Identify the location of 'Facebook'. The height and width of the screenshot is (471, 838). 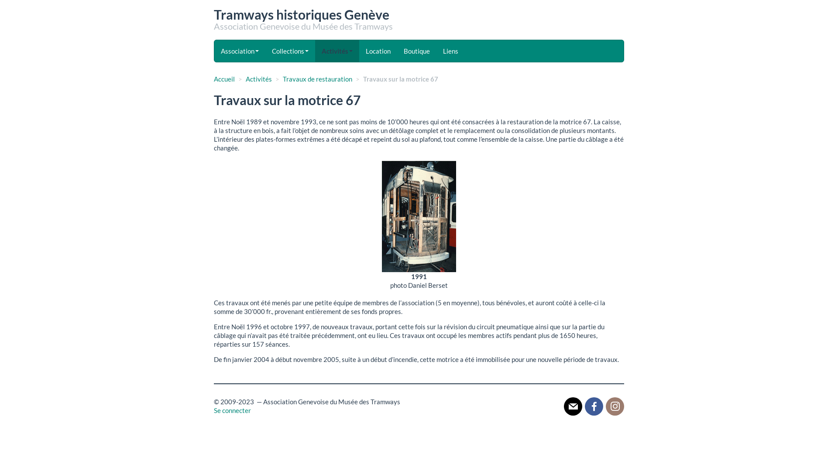
(594, 406).